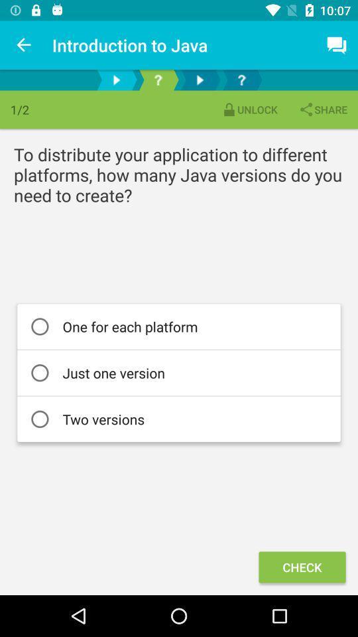 Image resolution: width=358 pixels, height=637 pixels. Describe the element at coordinates (302, 566) in the screenshot. I see `the check` at that location.